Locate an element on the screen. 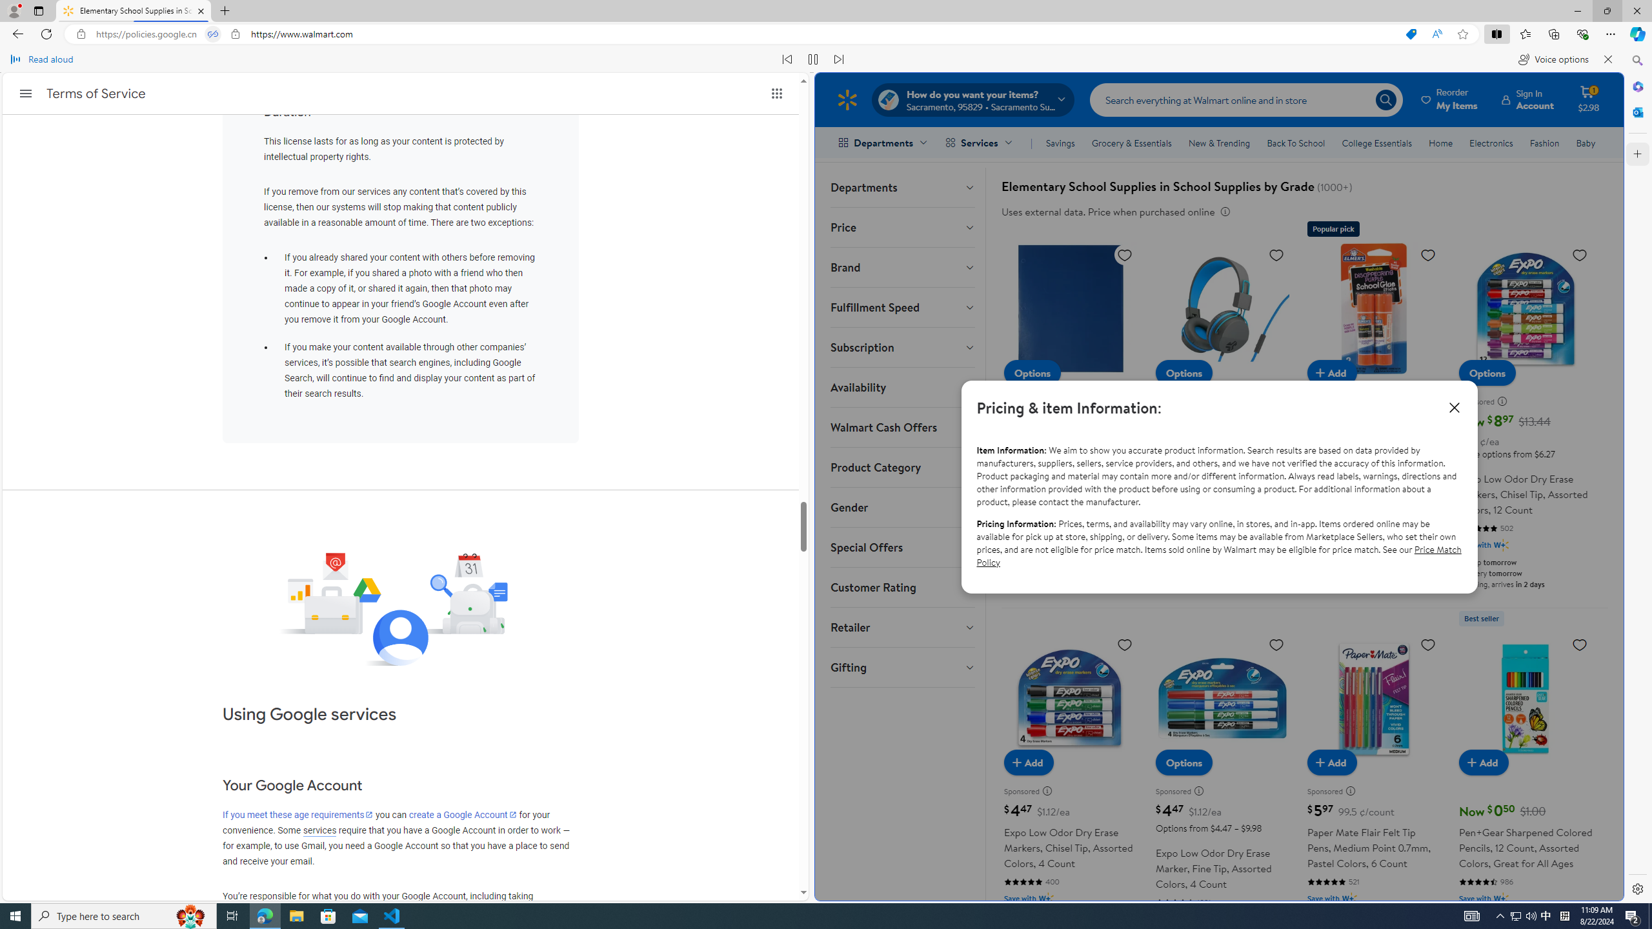 This screenshot has width=1652, height=929. 'This site has coupons! Shopping in Microsoft Edge, 7' is located at coordinates (1410, 34).